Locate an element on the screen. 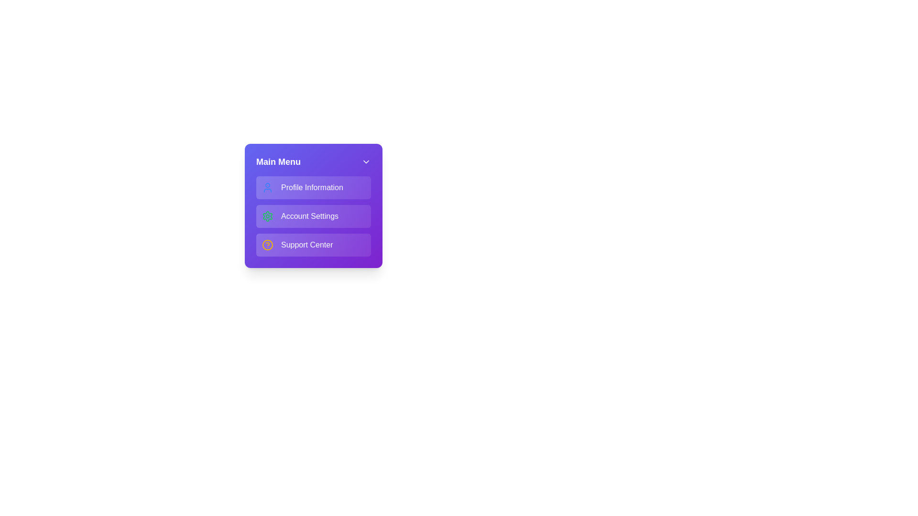 Image resolution: width=918 pixels, height=516 pixels. the menu item Support Center to see visual feedback is located at coordinates (314, 245).